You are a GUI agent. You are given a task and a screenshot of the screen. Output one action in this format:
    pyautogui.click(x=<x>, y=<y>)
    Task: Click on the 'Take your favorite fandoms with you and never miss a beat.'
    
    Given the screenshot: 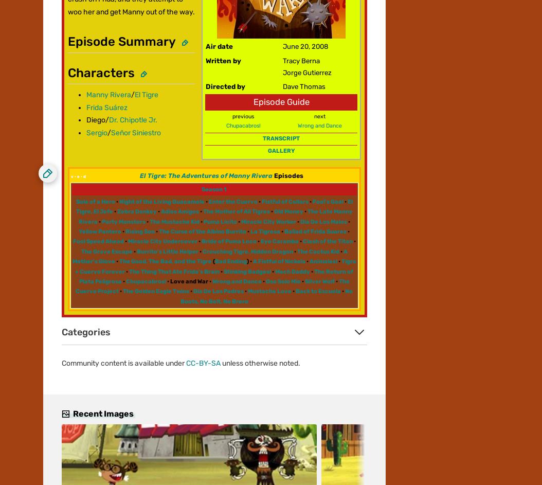 What is the action you would take?
    pyautogui.click(x=139, y=171)
    